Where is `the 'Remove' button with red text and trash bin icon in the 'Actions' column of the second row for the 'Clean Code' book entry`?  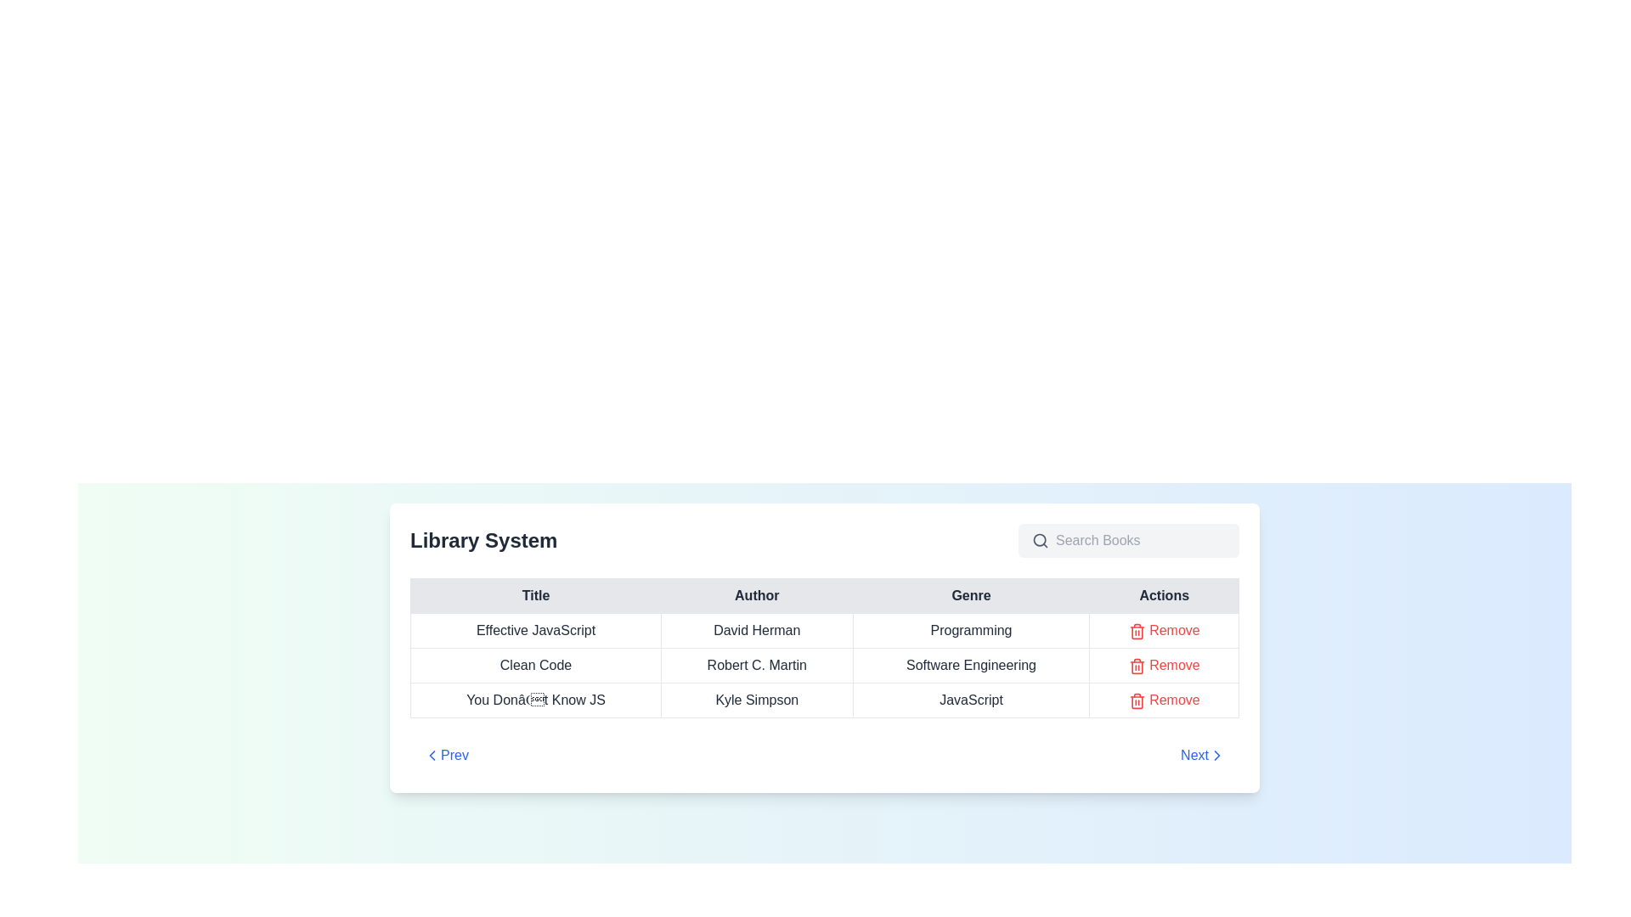
the 'Remove' button with red text and trash bin icon in the 'Actions' column of the second row for the 'Clean Code' book entry is located at coordinates (1163, 664).